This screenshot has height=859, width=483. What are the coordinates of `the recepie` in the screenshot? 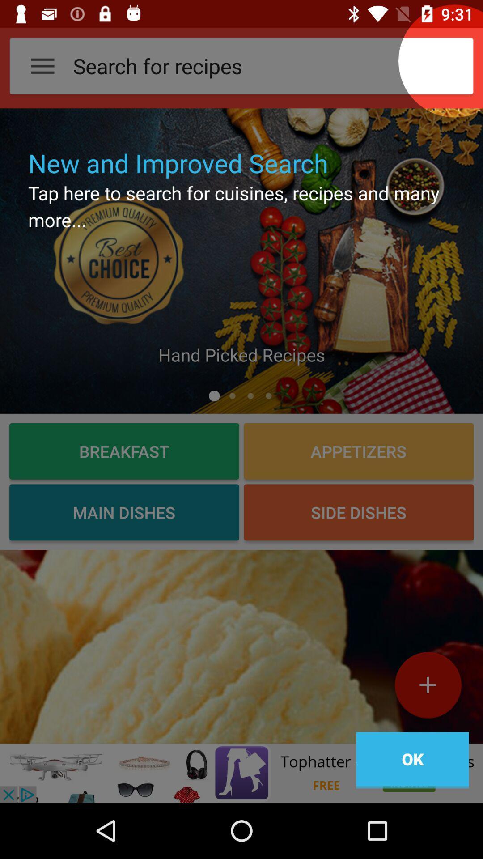 It's located at (427, 688).